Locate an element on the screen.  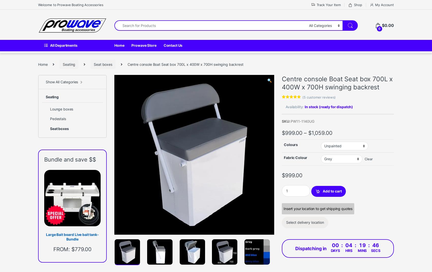
'Related products' is located at coordinates (140, 56).